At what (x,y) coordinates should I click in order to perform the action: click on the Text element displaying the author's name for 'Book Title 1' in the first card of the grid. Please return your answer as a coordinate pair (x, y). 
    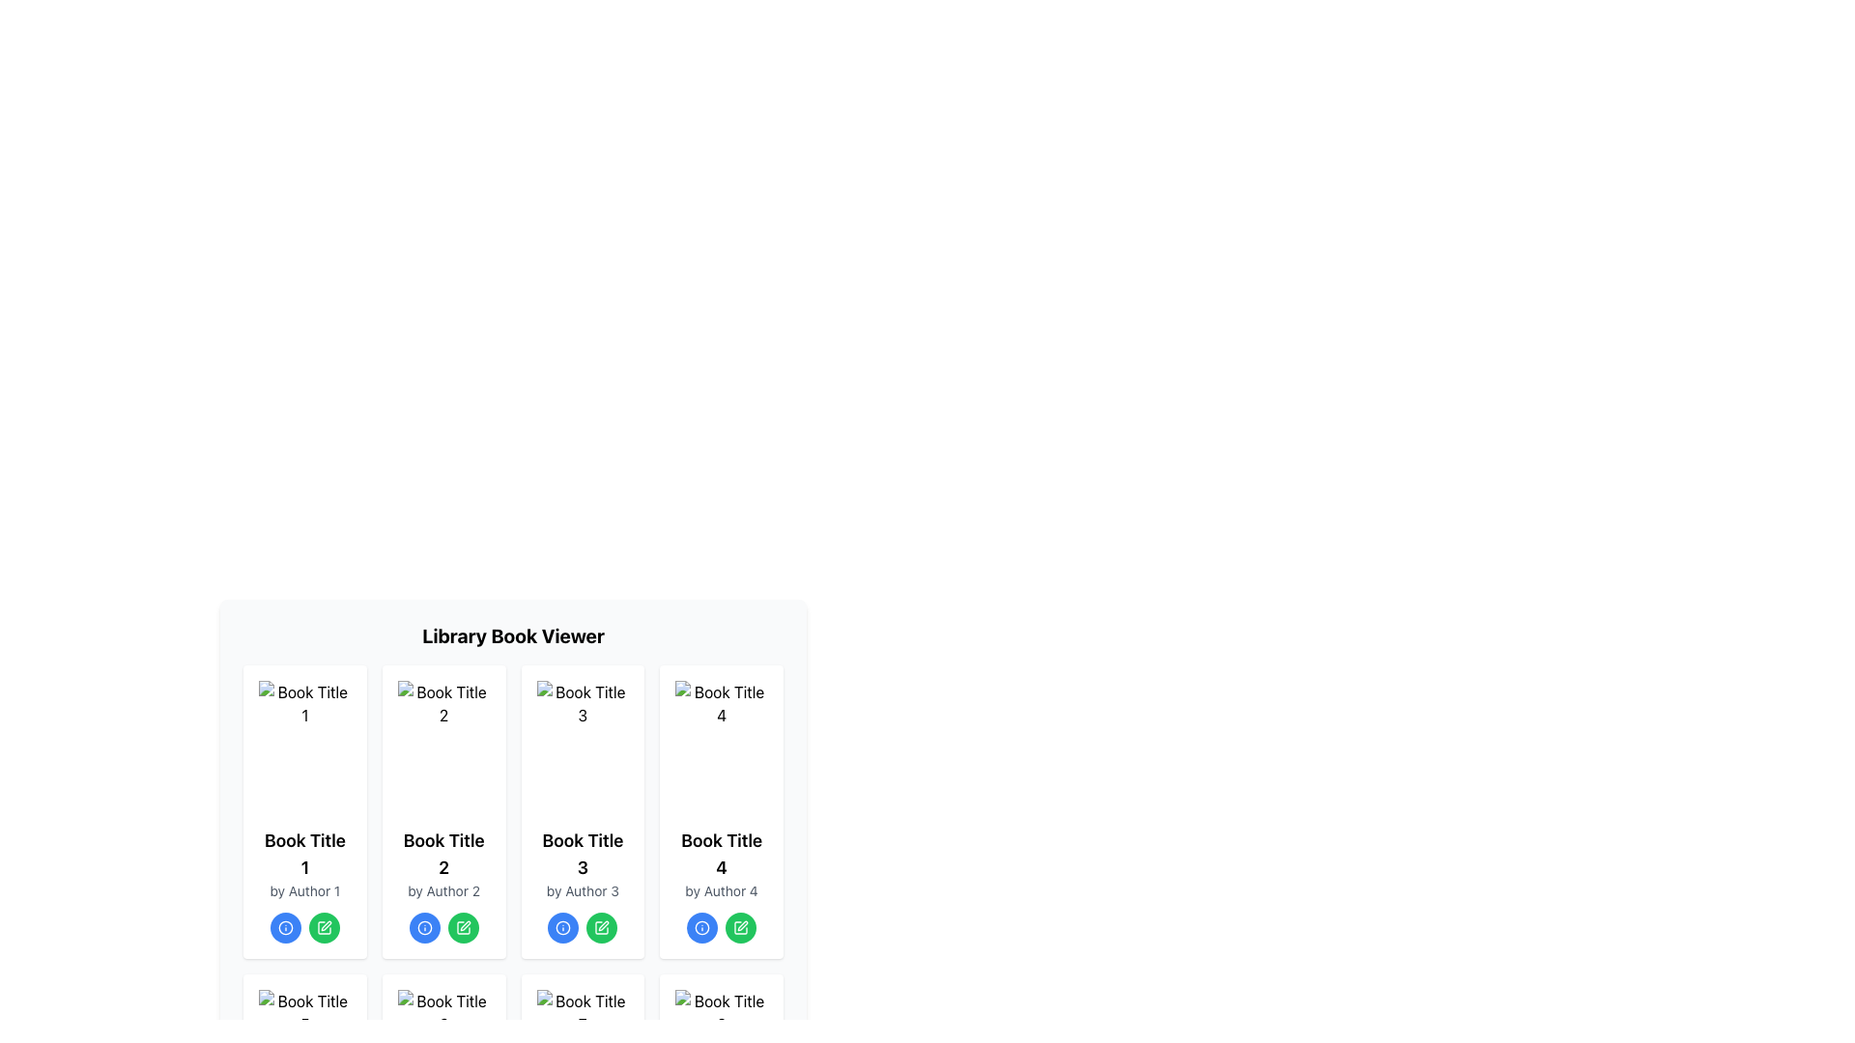
    Looking at the image, I should click on (303, 890).